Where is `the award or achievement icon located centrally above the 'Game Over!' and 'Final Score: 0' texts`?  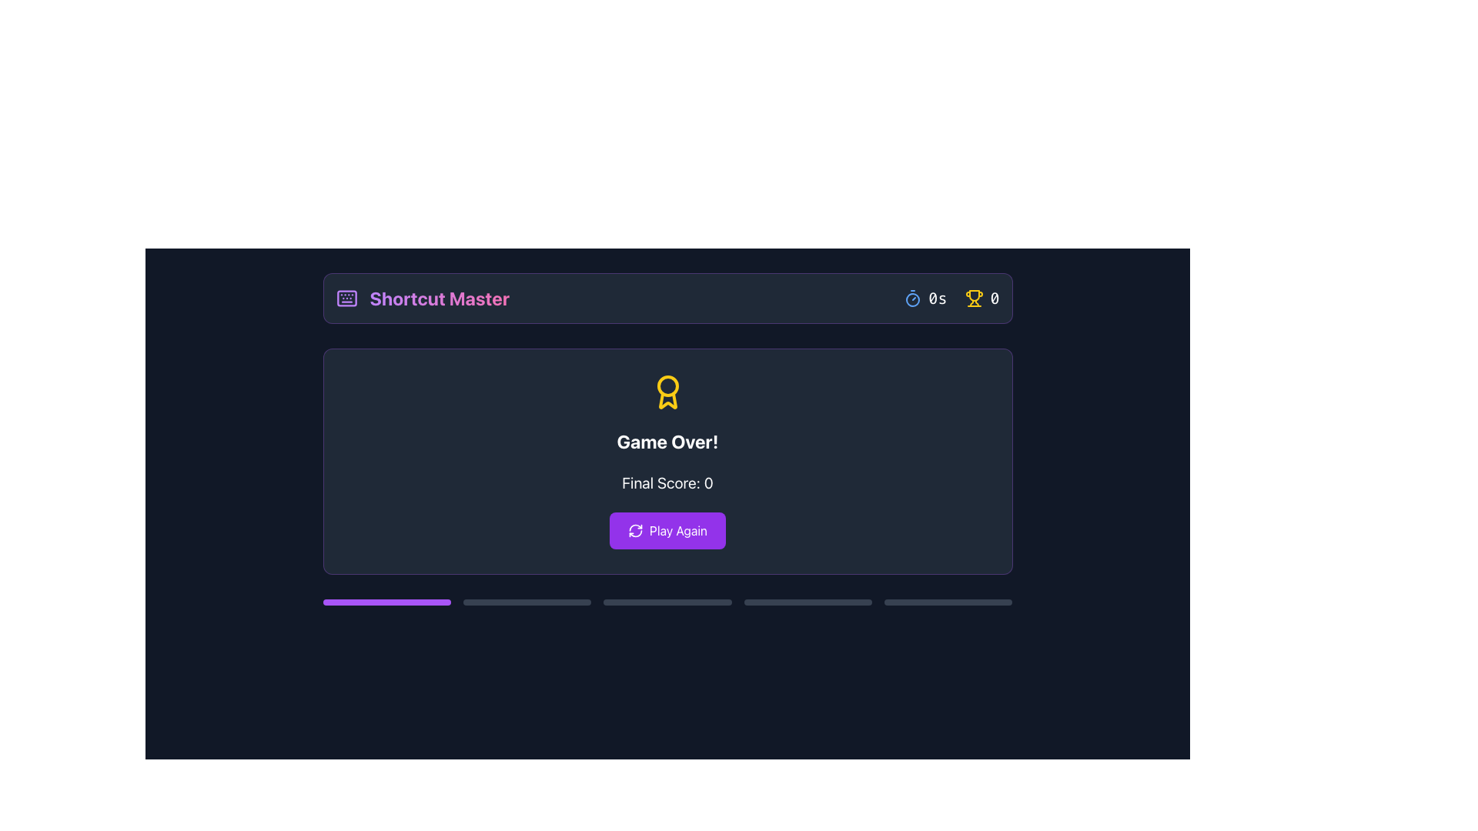 the award or achievement icon located centrally above the 'Game Over!' and 'Final Score: 0' texts is located at coordinates (667, 391).